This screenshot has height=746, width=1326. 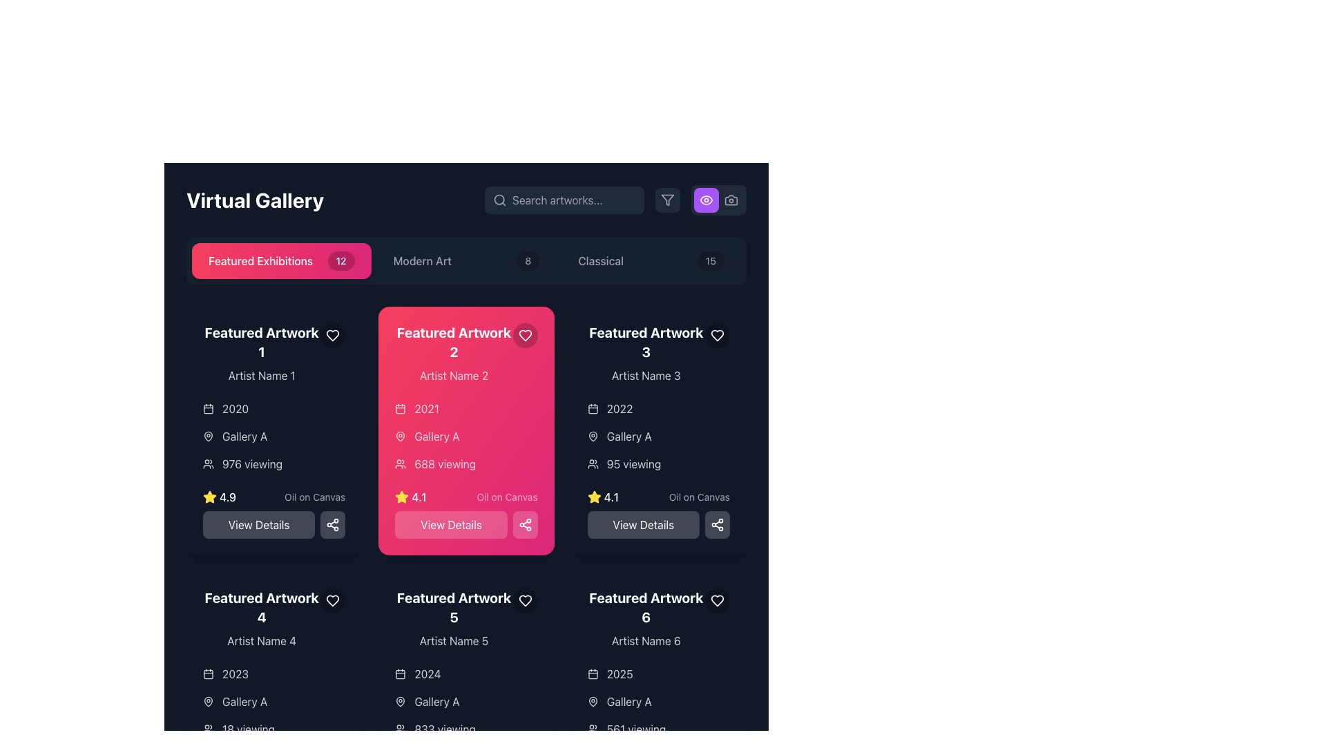 What do you see at coordinates (262, 353) in the screenshot?
I see `the Text block displaying the artwork title and artist's name` at bounding box center [262, 353].